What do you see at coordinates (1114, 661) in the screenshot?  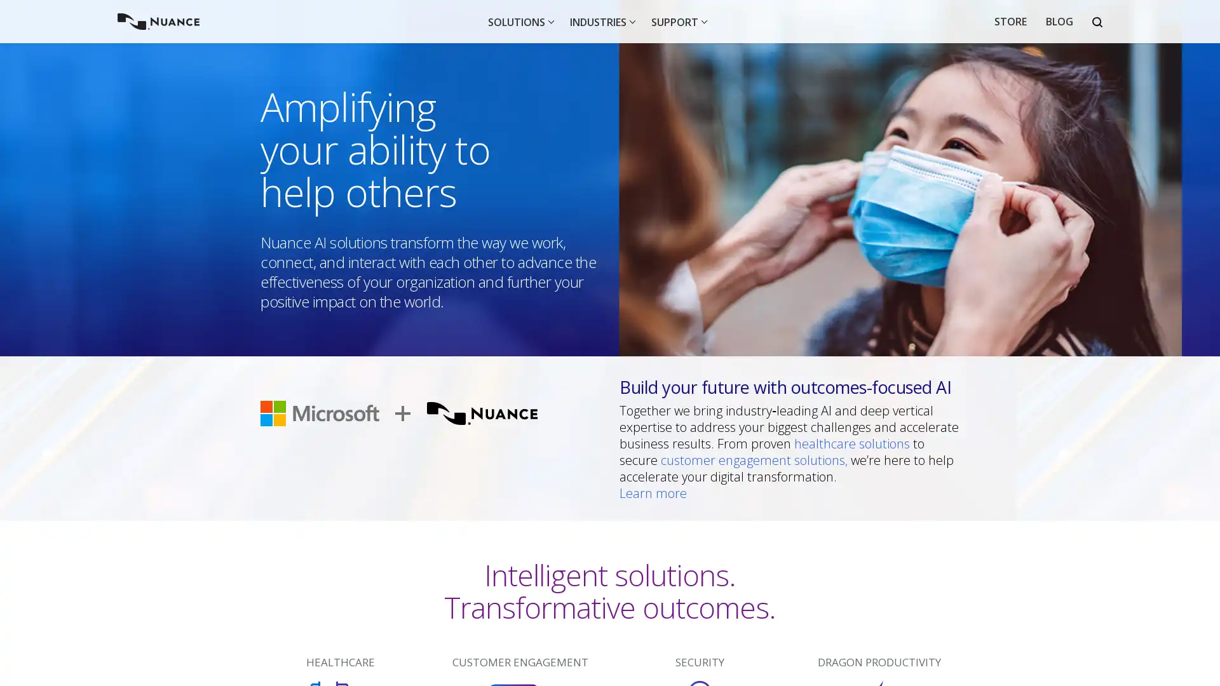 I see `I agree` at bounding box center [1114, 661].